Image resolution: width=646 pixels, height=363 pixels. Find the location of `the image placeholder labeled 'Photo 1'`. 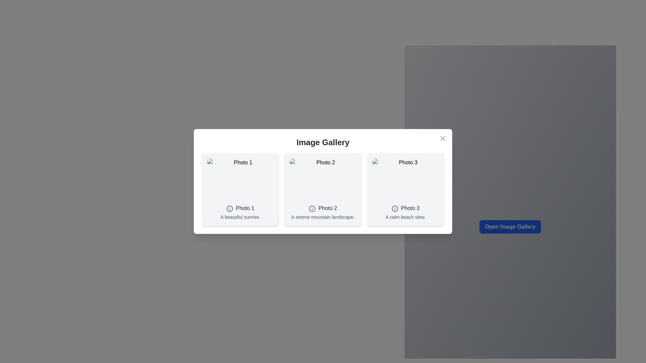

the image placeholder labeled 'Photo 1' is located at coordinates (240, 180).